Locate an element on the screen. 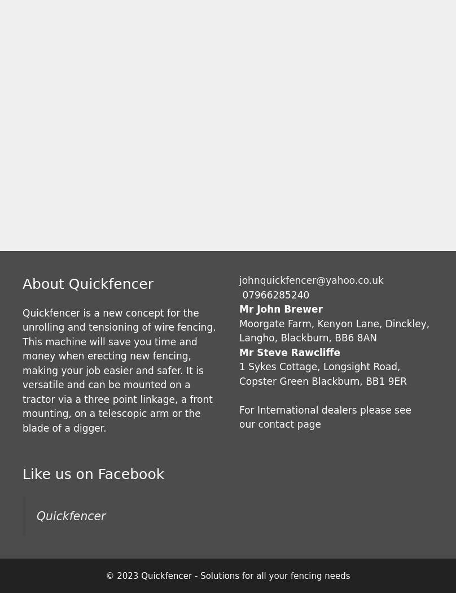 This screenshot has width=456, height=593. 'Mr Steve Rawcliffe' is located at coordinates (239, 351).